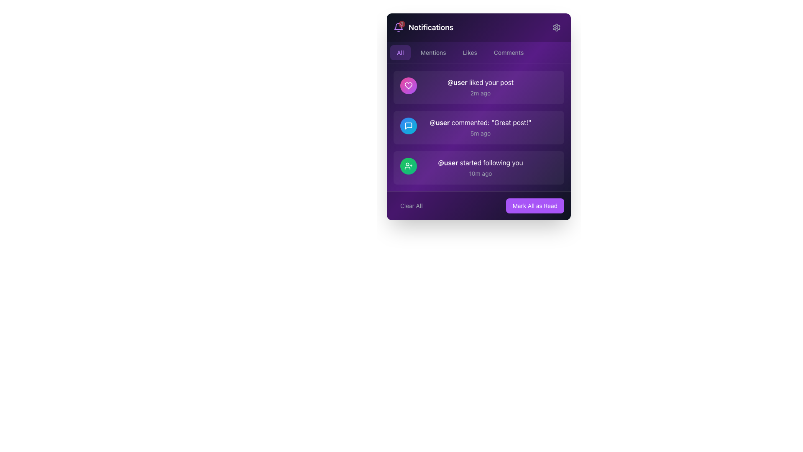  I want to click on the cogwheel icon located at the top-right corner of the notification panel, so click(556, 27).